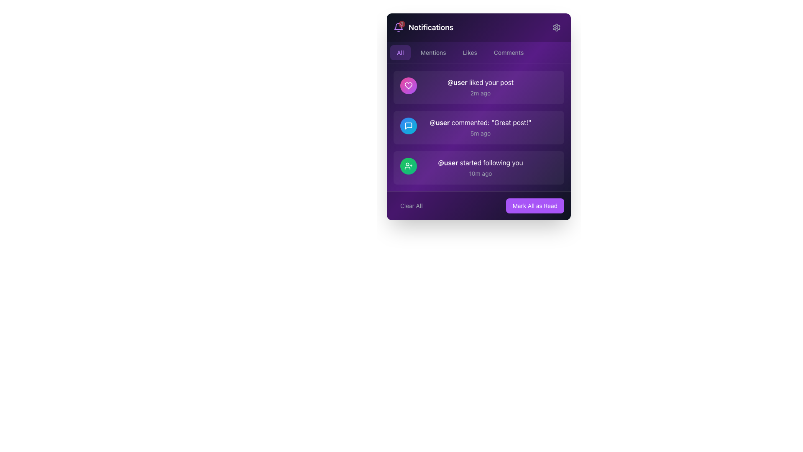  I want to click on the cogwheel icon located at the top-right corner of the notification panel, so click(556, 27).